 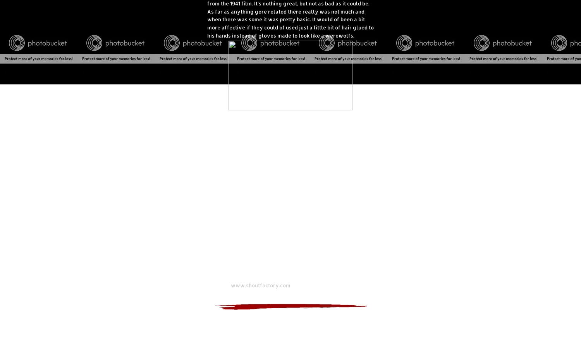 I want to click on 'Genre: Horror', so click(x=224, y=229).